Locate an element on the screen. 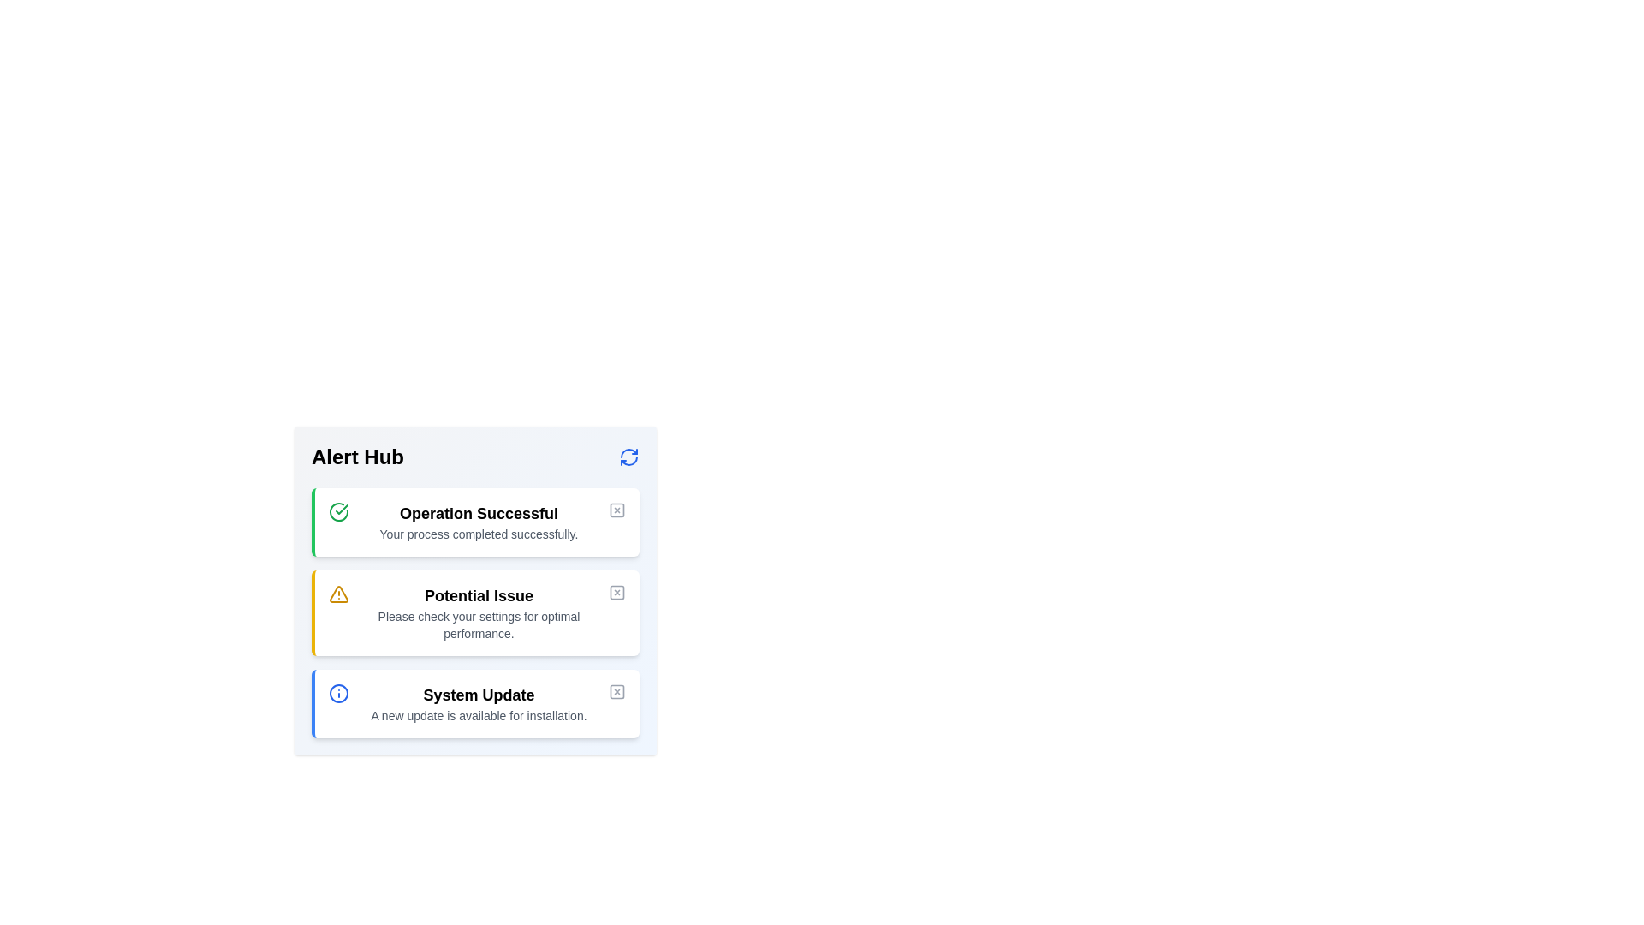 The image size is (1644, 925). the 'System Update' title text label, which is bold and larger than the descriptive text, located at the top of its notification card is located at coordinates (479, 695).